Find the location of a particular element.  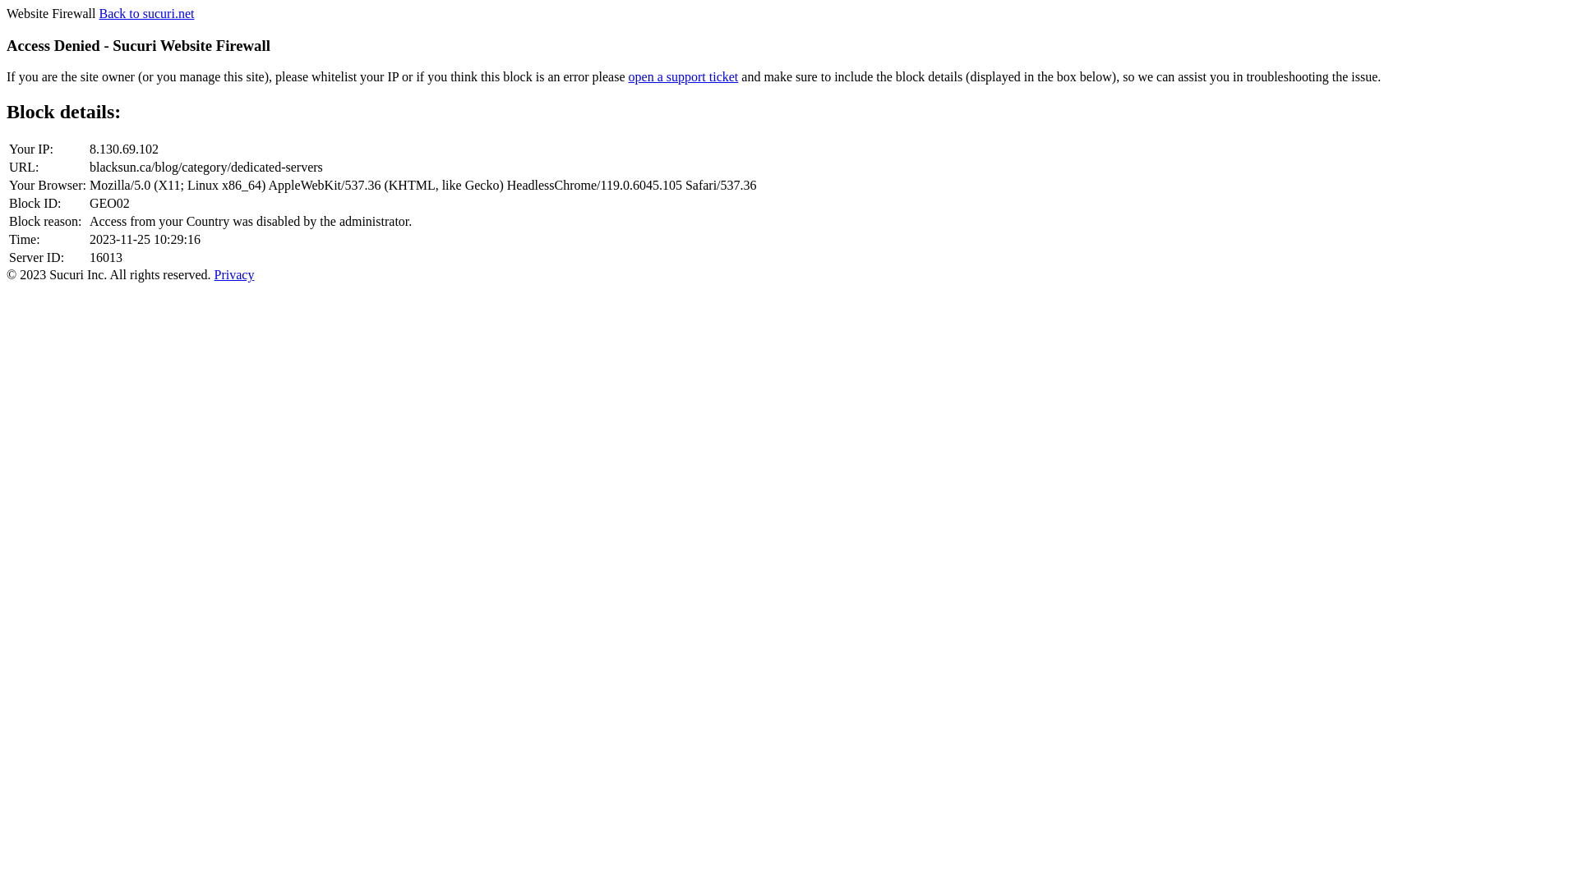

'Back to sucuri.net' is located at coordinates (98, 13).